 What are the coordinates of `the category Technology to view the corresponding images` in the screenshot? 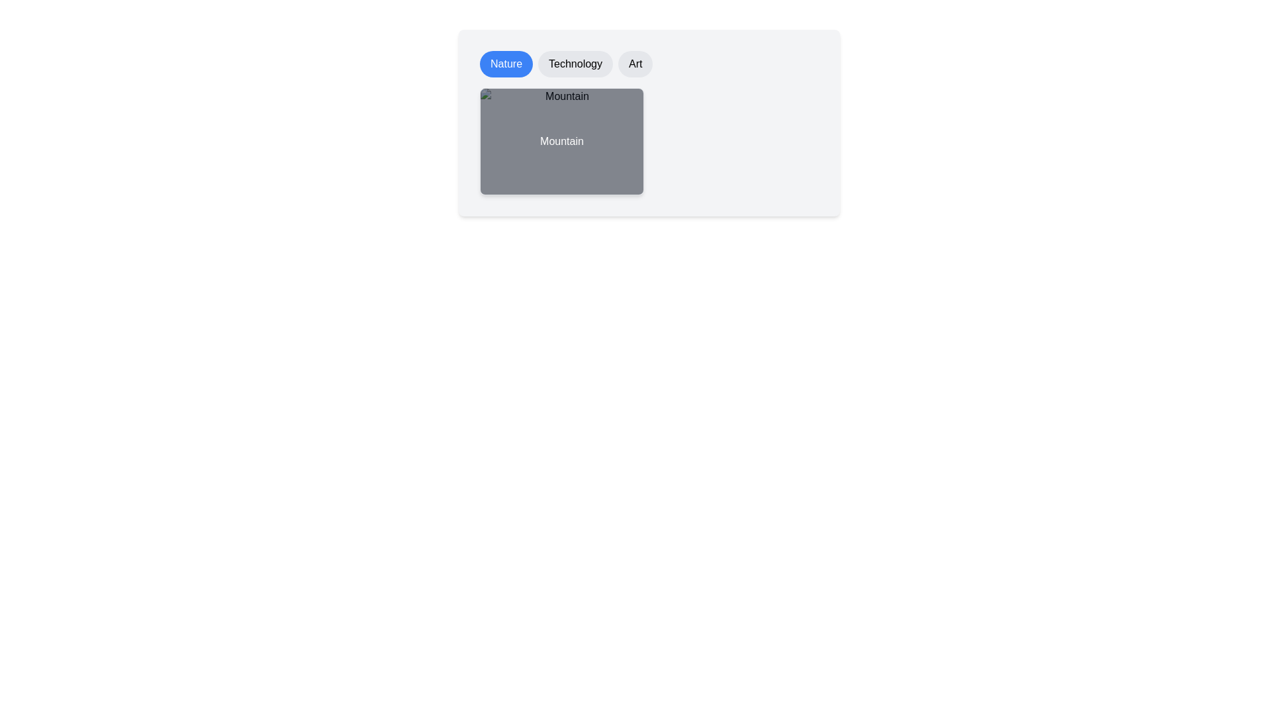 It's located at (575, 64).